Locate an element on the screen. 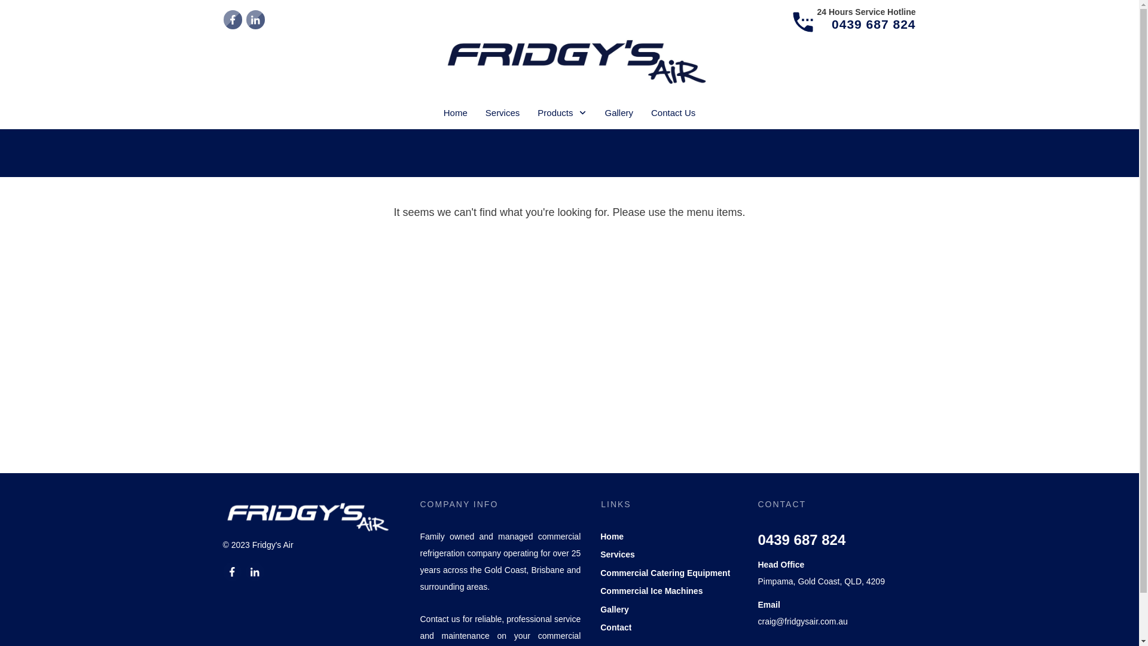 The width and height of the screenshot is (1148, 646). 'Contact Us' is located at coordinates (673, 113).